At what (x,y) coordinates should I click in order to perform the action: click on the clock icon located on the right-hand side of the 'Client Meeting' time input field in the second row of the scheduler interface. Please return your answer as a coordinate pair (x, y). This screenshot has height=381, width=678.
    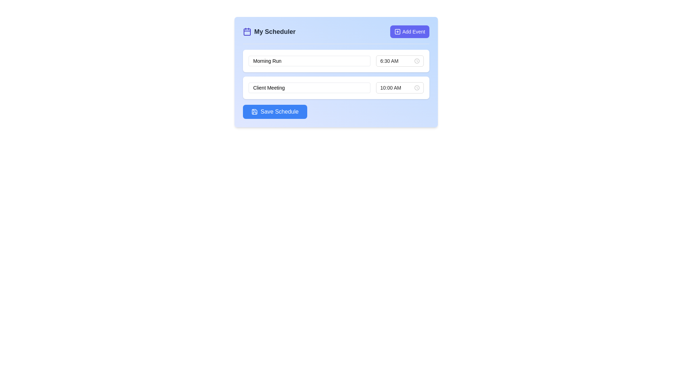
    Looking at the image, I should click on (417, 87).